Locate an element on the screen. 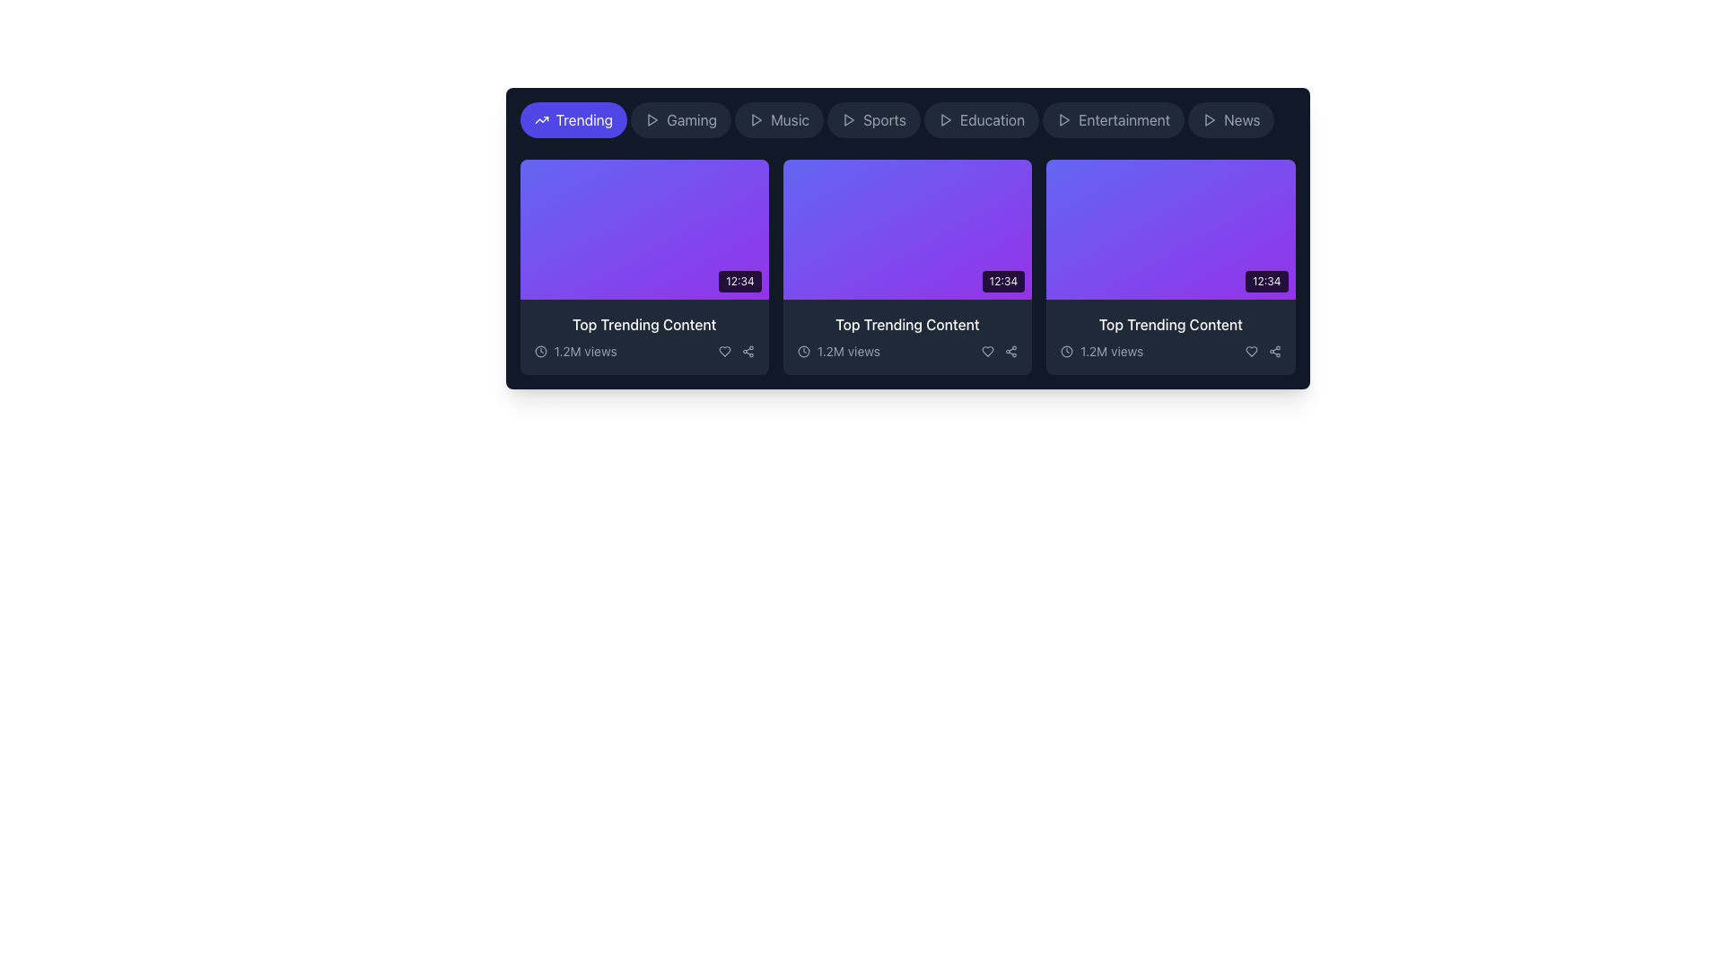  the share icon button, which resembles three connected dots in a triangular arrangement, located below the video thumbnail of the third trending content card is located at coordinates (1011, 351).